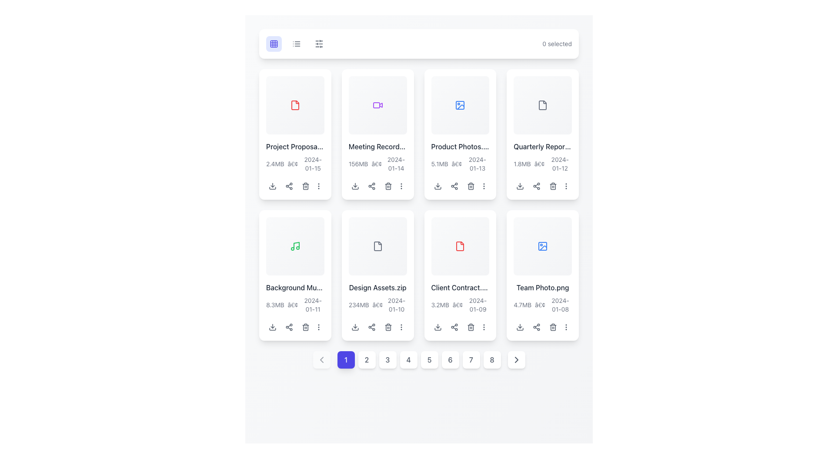 The image size is (835, 470). I want to click on the static text label that displays the timestamp for the associated file, located below 'Design Assets.zip' in a multi-column grid layout, so click(396, 304).